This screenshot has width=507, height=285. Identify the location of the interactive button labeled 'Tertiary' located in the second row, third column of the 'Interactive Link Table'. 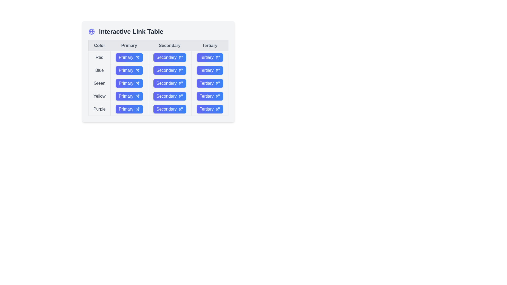
(206, 70).